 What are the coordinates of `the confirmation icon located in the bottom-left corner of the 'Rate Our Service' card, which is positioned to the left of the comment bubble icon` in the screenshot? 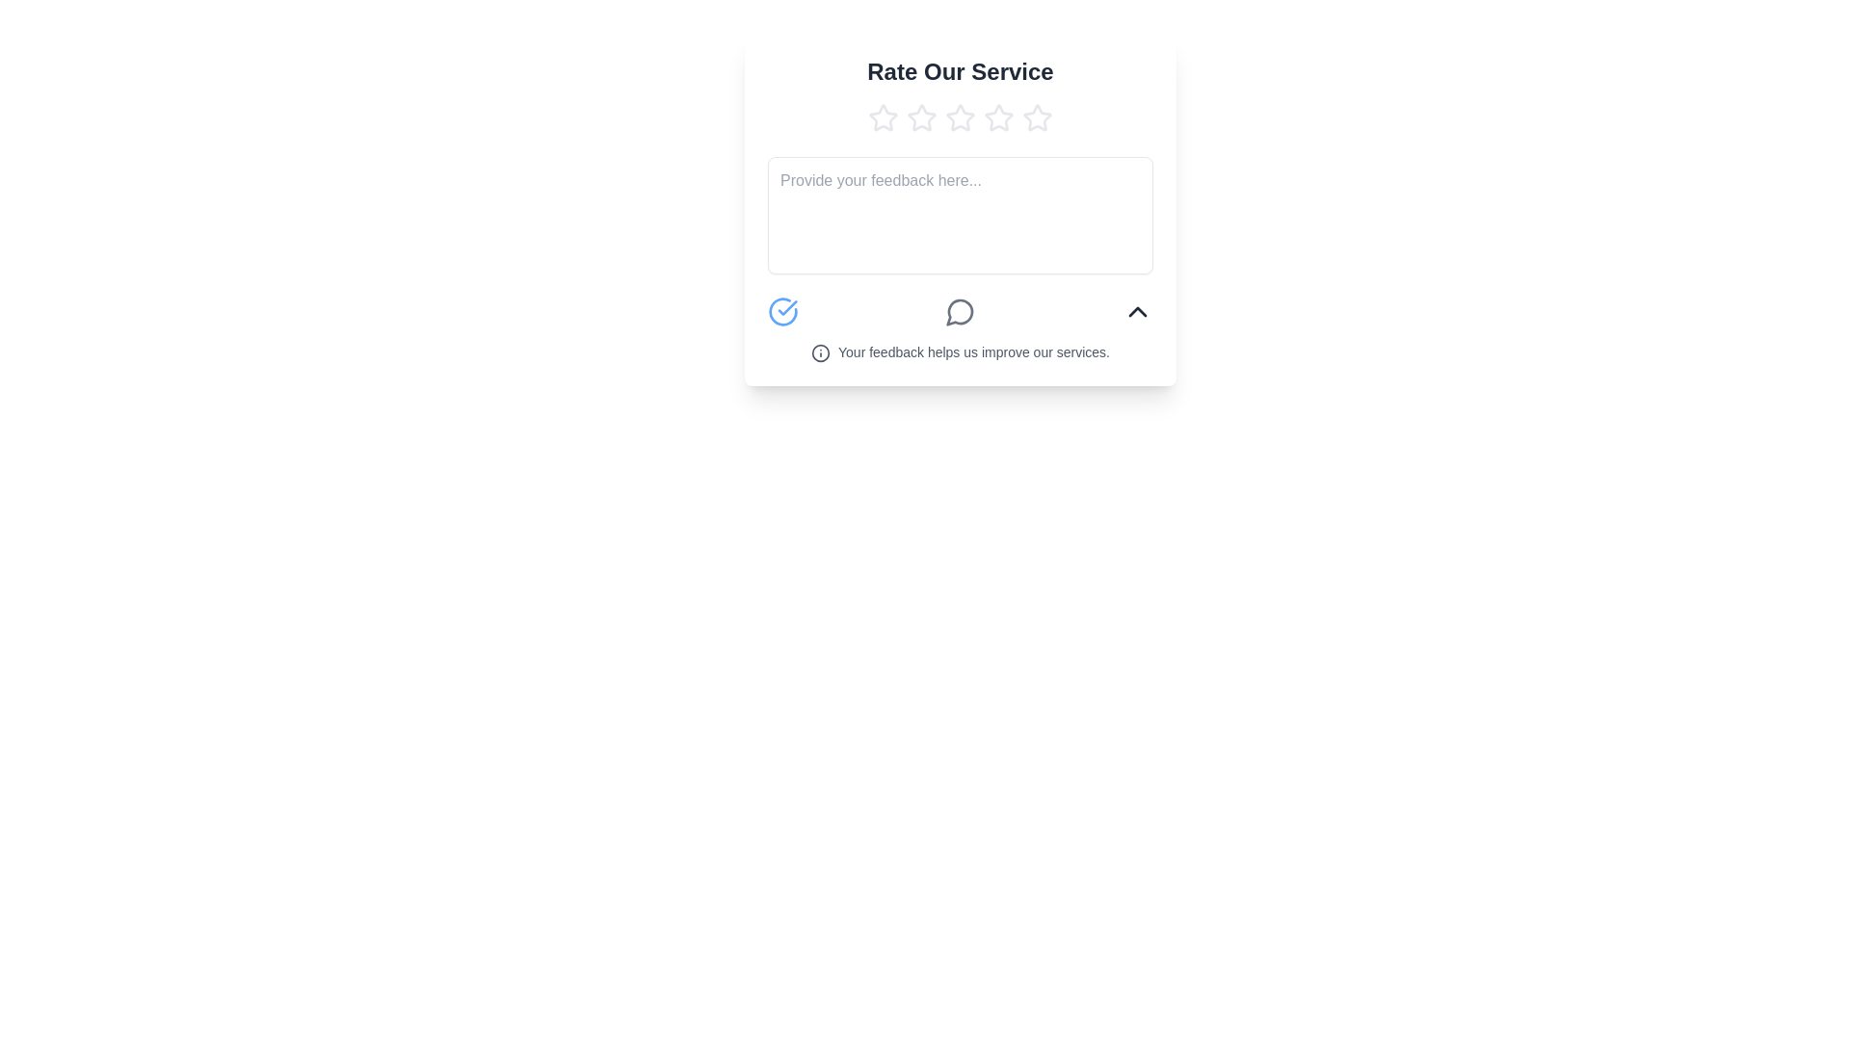 It's located at (782, 311).